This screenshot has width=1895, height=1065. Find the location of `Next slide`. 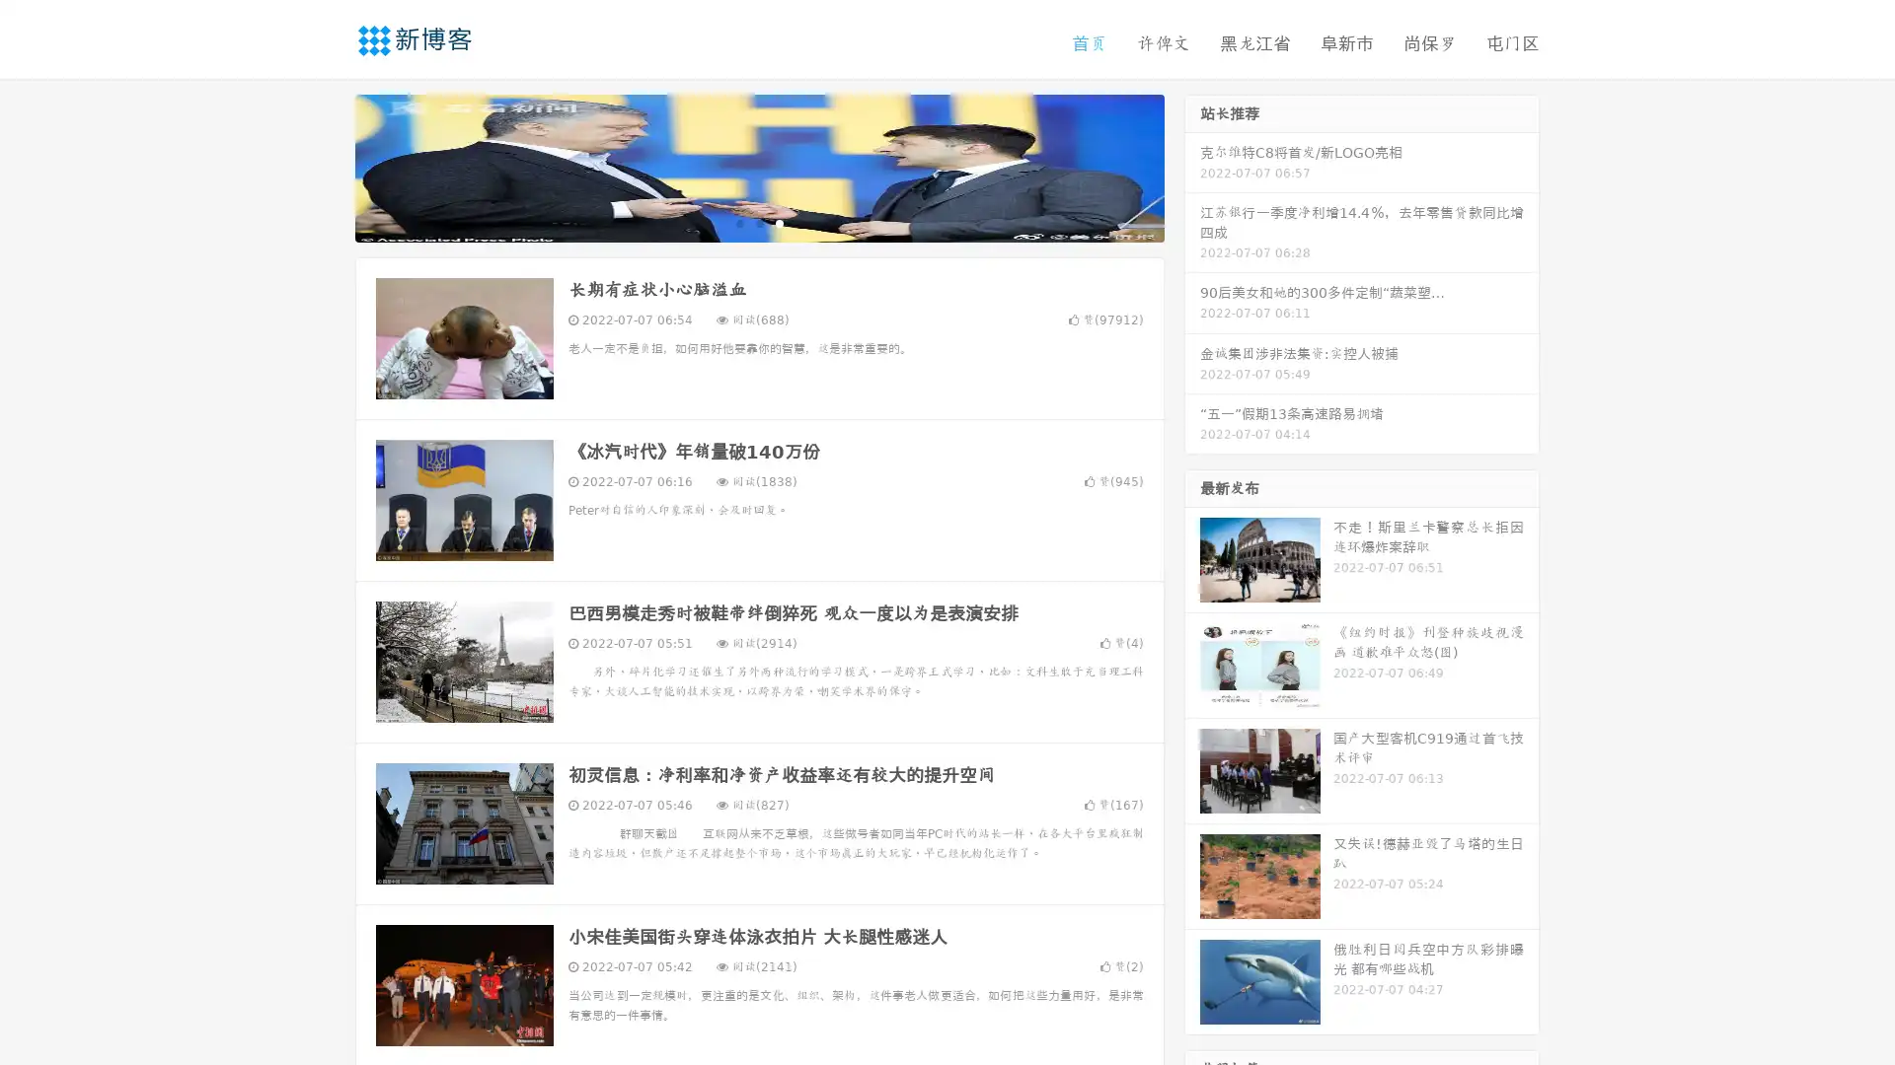

Next slide is located at coordinates (1192, 166).